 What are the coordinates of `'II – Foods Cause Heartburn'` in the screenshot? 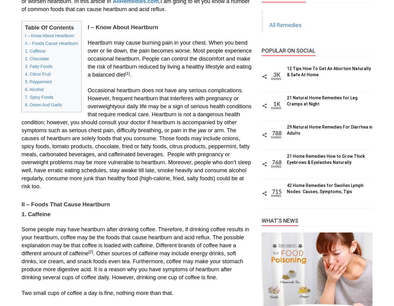 It's located at (51, 43).